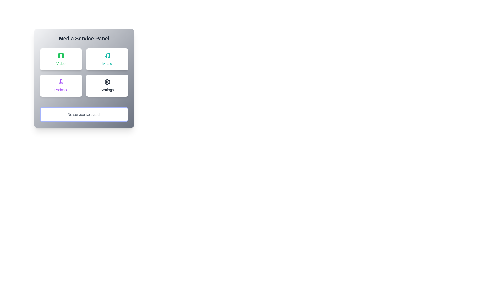  What do you see at coordinates (61, 59) in the screenshot?
I see `the 'Video' button located in the top-left corner of the grid layout` at bounding box center [61, 59].